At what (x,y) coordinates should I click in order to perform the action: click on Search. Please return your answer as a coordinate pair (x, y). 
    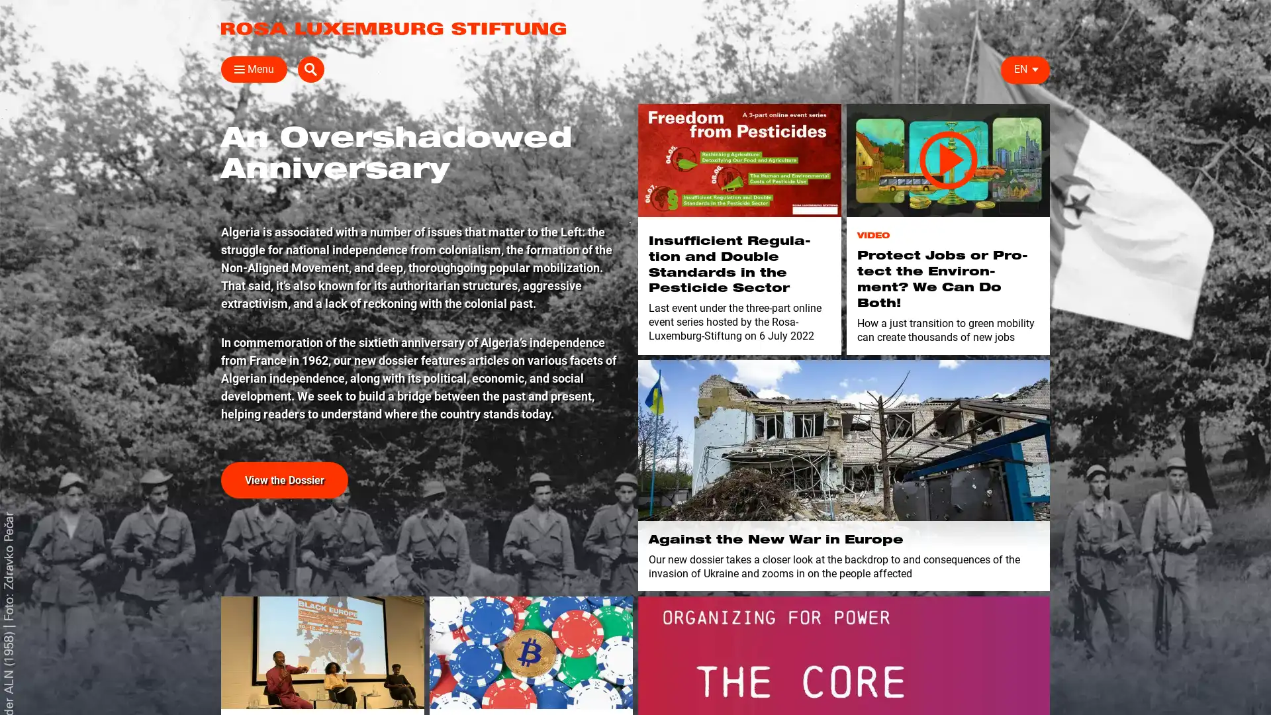
    Looking at the image, I should click on (847, 100).